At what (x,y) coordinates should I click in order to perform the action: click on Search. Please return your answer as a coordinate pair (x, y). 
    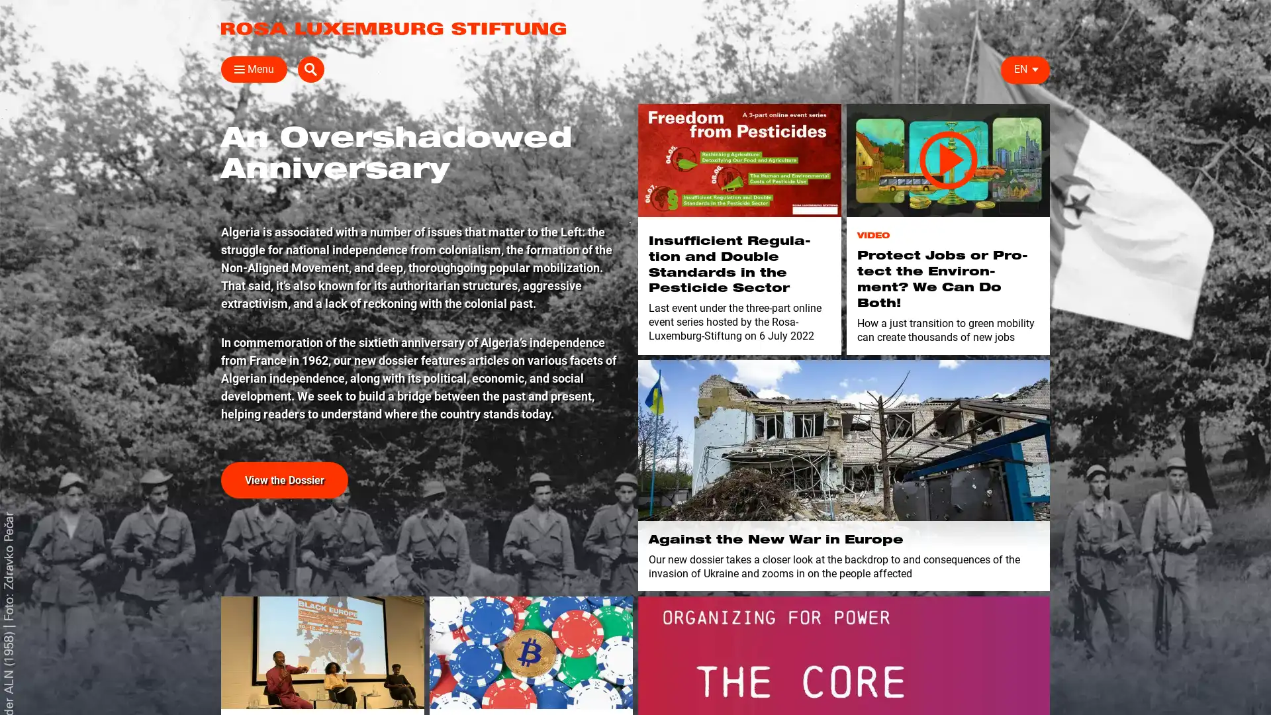
    Looking at the image, I should click on (847, 100).